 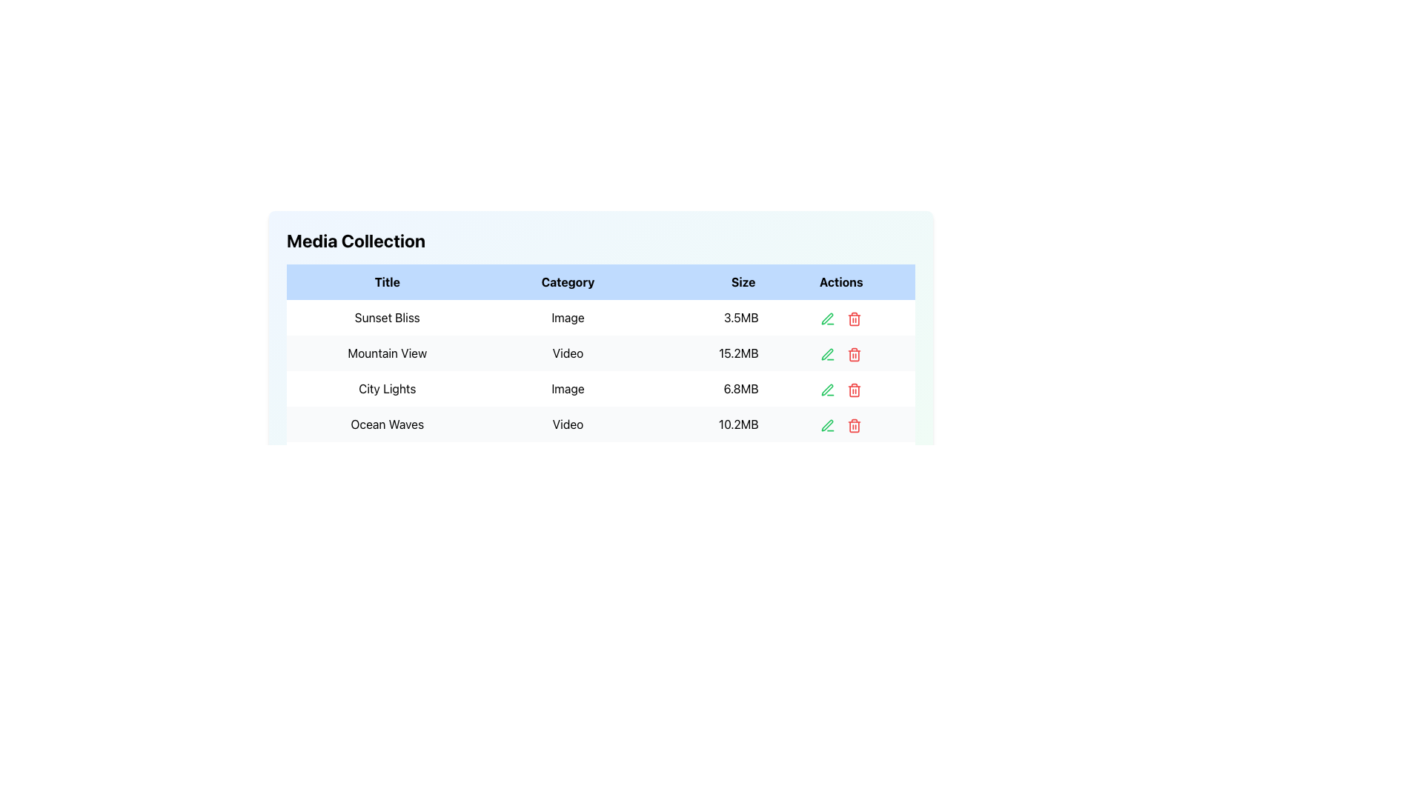 I want to click on the deletion icon button located in the 'Actions' column of the first row for the item 'Sunset Bliss', so click(x=855, y=318).